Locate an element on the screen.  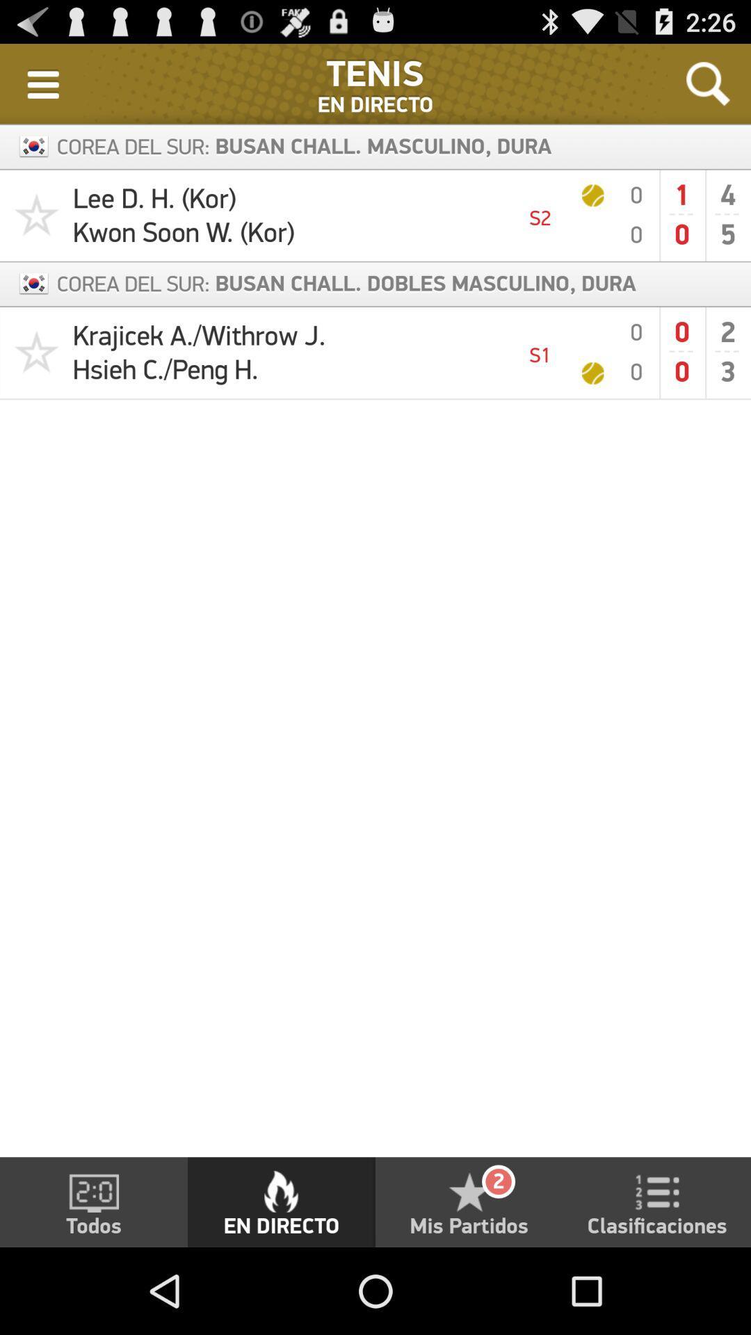
the icon to the right of the busan chall masculino icon is located at coordinates (708, 83).